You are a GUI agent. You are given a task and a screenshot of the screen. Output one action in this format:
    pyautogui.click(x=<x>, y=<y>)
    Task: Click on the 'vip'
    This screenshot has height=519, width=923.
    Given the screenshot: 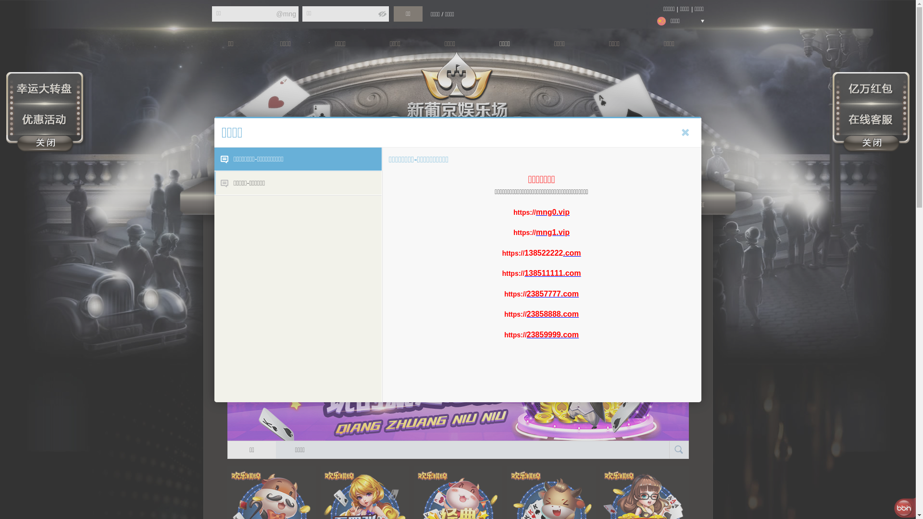 What is the action you would take?
    pyautogui.click(x=564, y=232)
    